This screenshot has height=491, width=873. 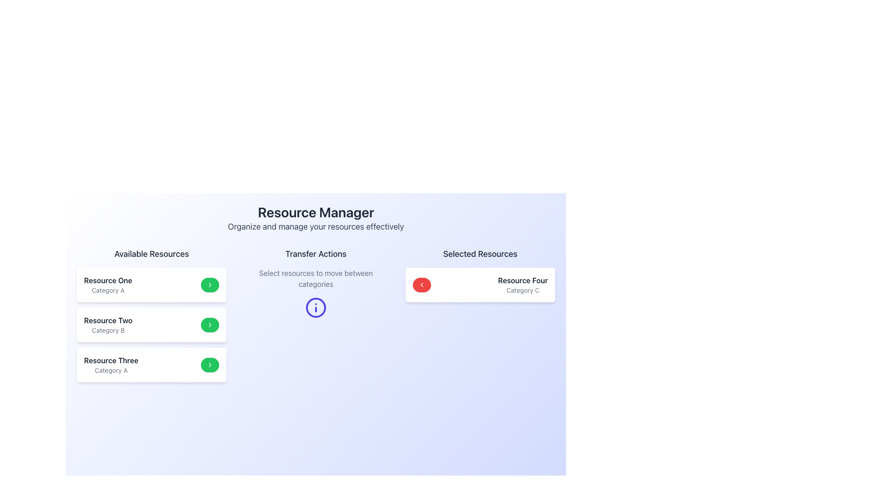 What do you see at coordinates (108, 285) in the screenshot?
I see `displayed text from the 'Resource One' entry in the 'Available Resources' list, which shows 'Resource One' in bold dark gray and 'Category A' in smaller light gray` at bounding box center [108, 285].